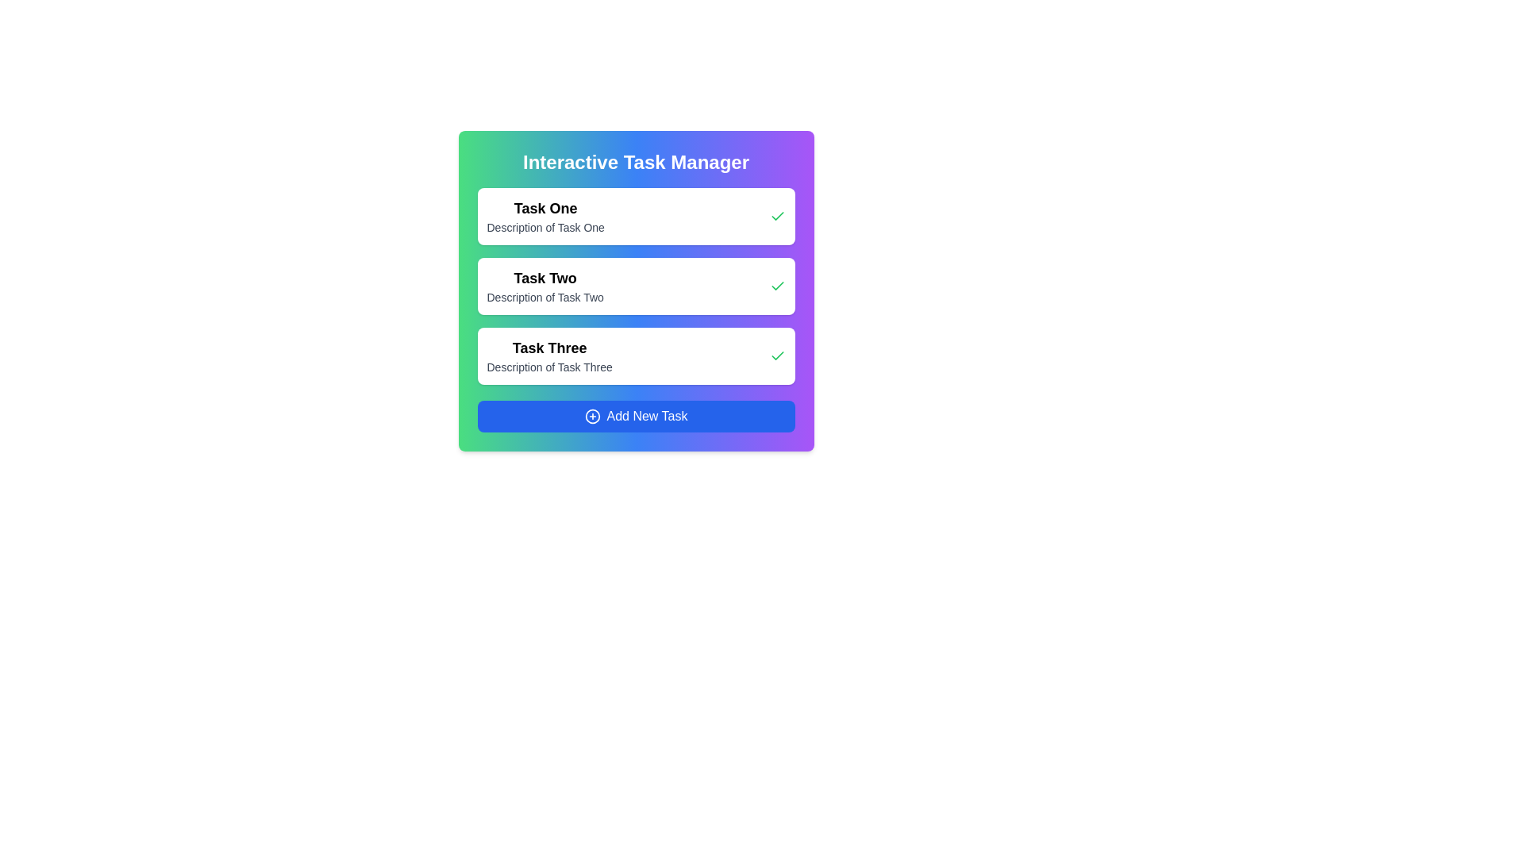 The width and height of the screenshot is (1524, 857). Describe the element at coordinates (549, 367) in the screenshot. I see `the static text label that reads 'Description of Task Three', which is located directly beneath the bold title 'Task Three' in the task list card` at that location.